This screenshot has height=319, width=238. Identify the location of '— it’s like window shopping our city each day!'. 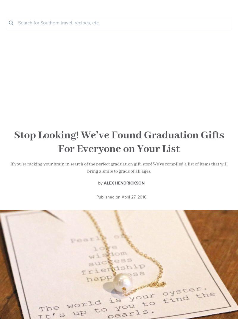
(118, 243).